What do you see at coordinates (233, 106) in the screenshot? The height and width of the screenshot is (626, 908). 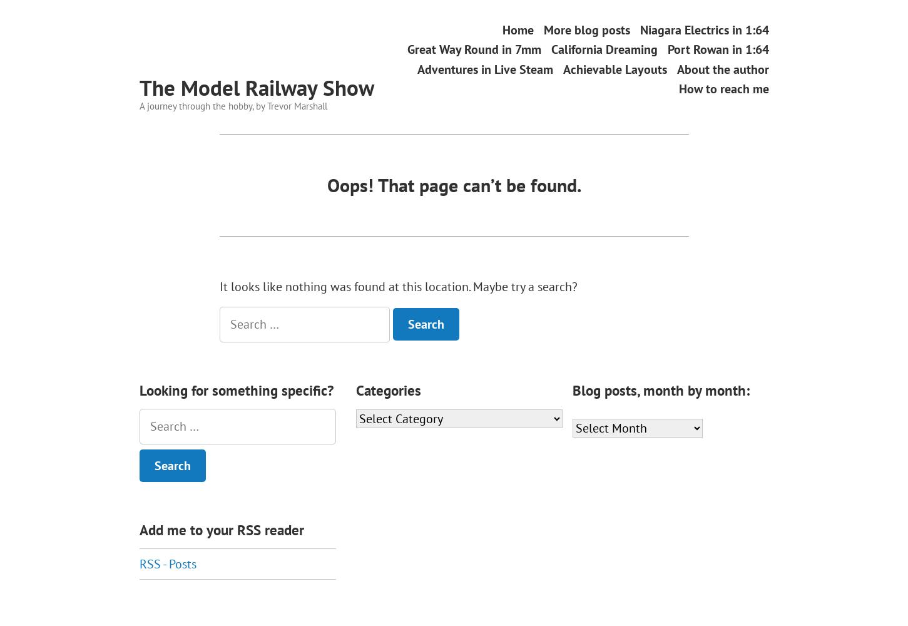 I see `'A journey through the hobby, by Trevor Marshall'` at bounding box center [233, 106].